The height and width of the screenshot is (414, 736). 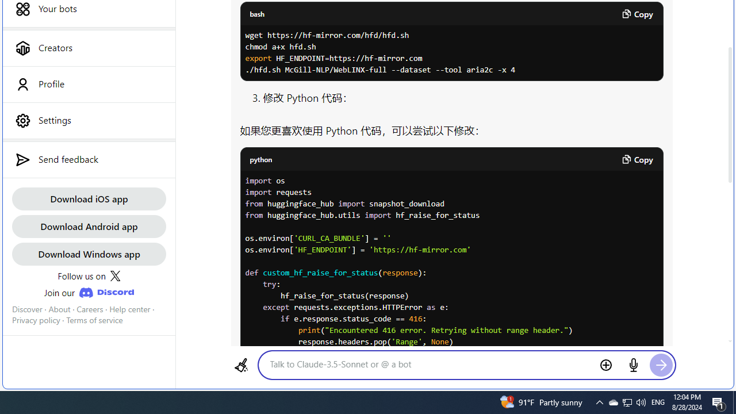 What do you see at coordinates (88, 83) in the screenshot?
I see `'Profile'` at bounding box center [88, 83].